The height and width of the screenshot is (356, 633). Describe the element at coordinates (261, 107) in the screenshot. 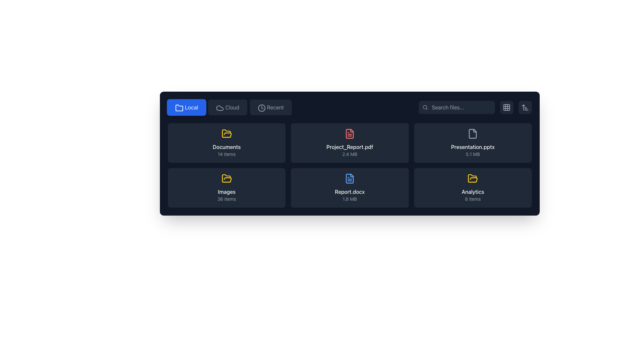

I see `the 'Recent' icon button located in the navigation bar` at that location.